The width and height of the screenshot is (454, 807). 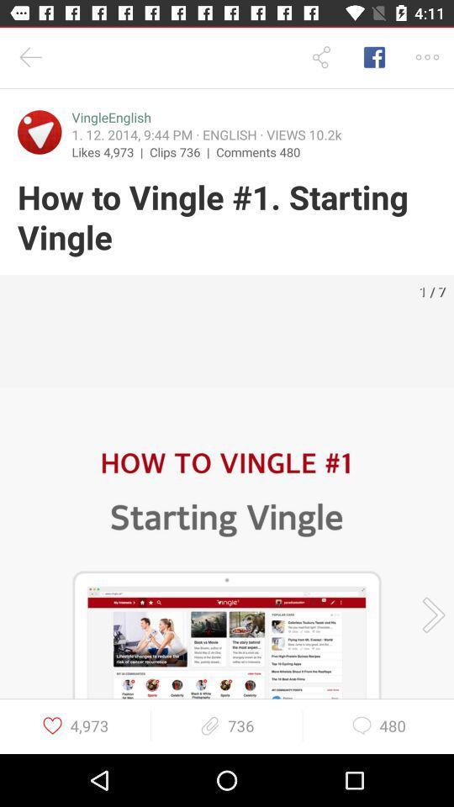 I want to click on clips 736  |, so click(x=182, y=150).